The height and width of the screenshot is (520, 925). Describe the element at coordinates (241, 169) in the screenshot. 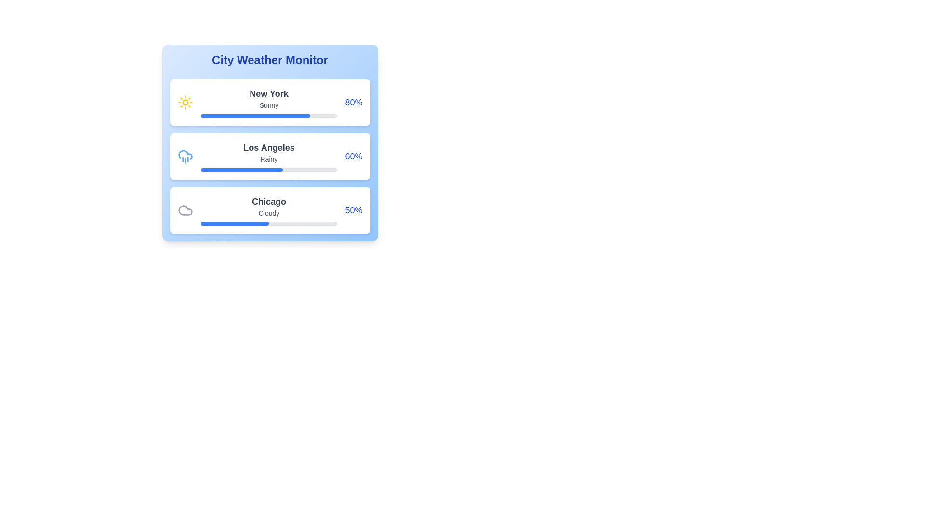

I see `the blue progress bar indicating 60% completion within the progress indicator UI component under the 'Los Angeles' section, which is the second item in the weather statuses list` at that location.